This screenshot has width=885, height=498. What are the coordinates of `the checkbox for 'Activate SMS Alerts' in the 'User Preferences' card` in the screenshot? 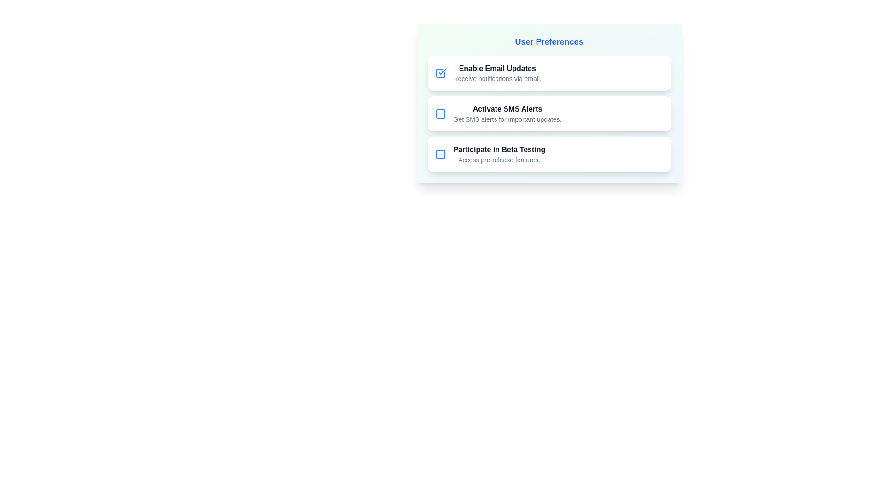 It's located at (549, 113).